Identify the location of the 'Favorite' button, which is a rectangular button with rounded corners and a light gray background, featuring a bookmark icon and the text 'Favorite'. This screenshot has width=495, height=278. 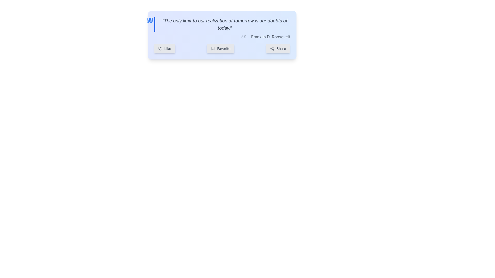
(220, 49).